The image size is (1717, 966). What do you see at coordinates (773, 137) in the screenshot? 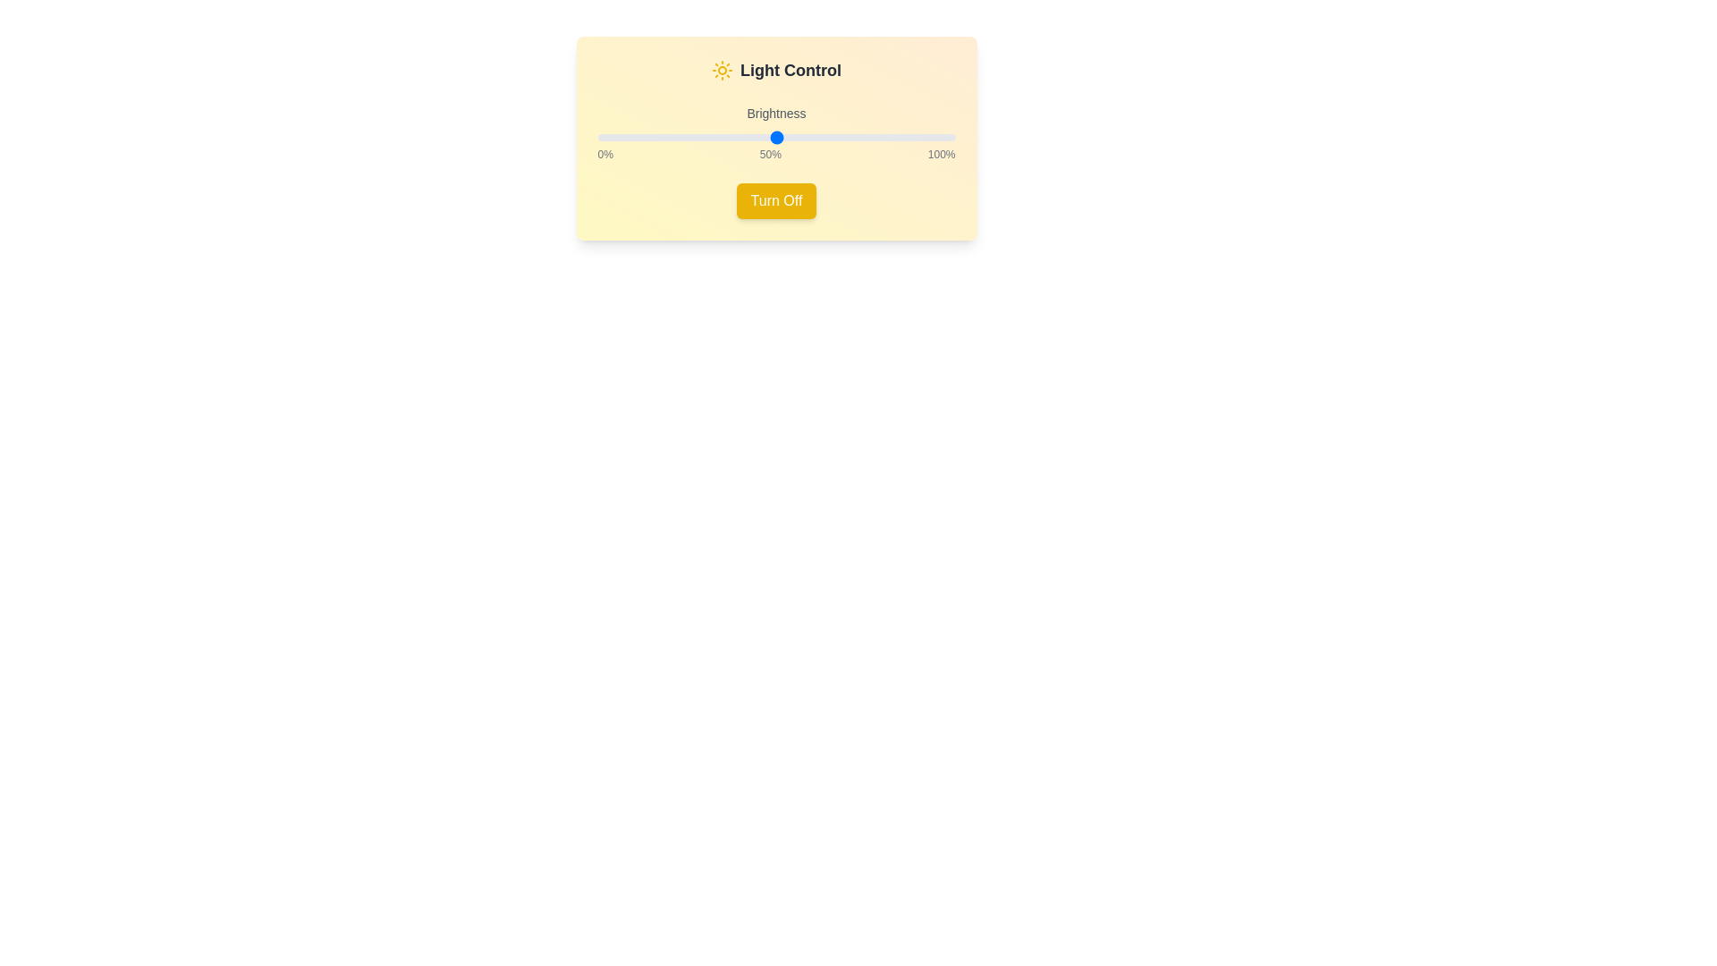
I see `Brightness` at bounding box center [773, 137].